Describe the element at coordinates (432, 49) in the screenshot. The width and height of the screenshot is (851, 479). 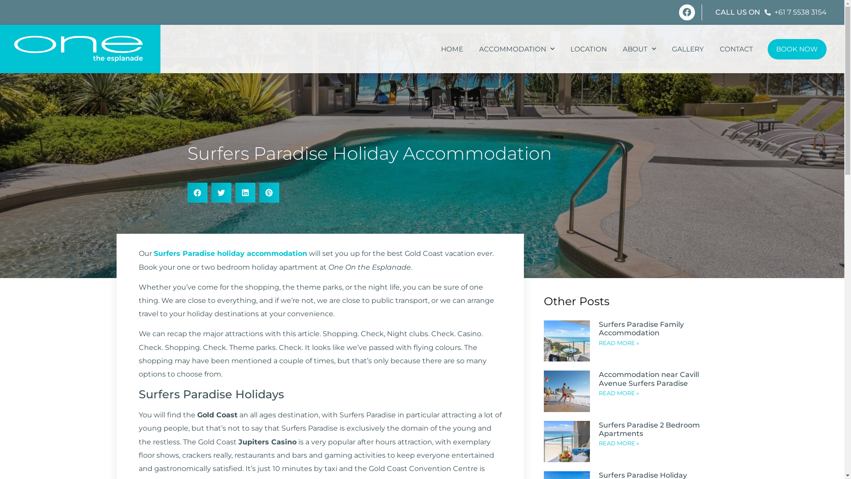
I see `'HOME'` at that location.